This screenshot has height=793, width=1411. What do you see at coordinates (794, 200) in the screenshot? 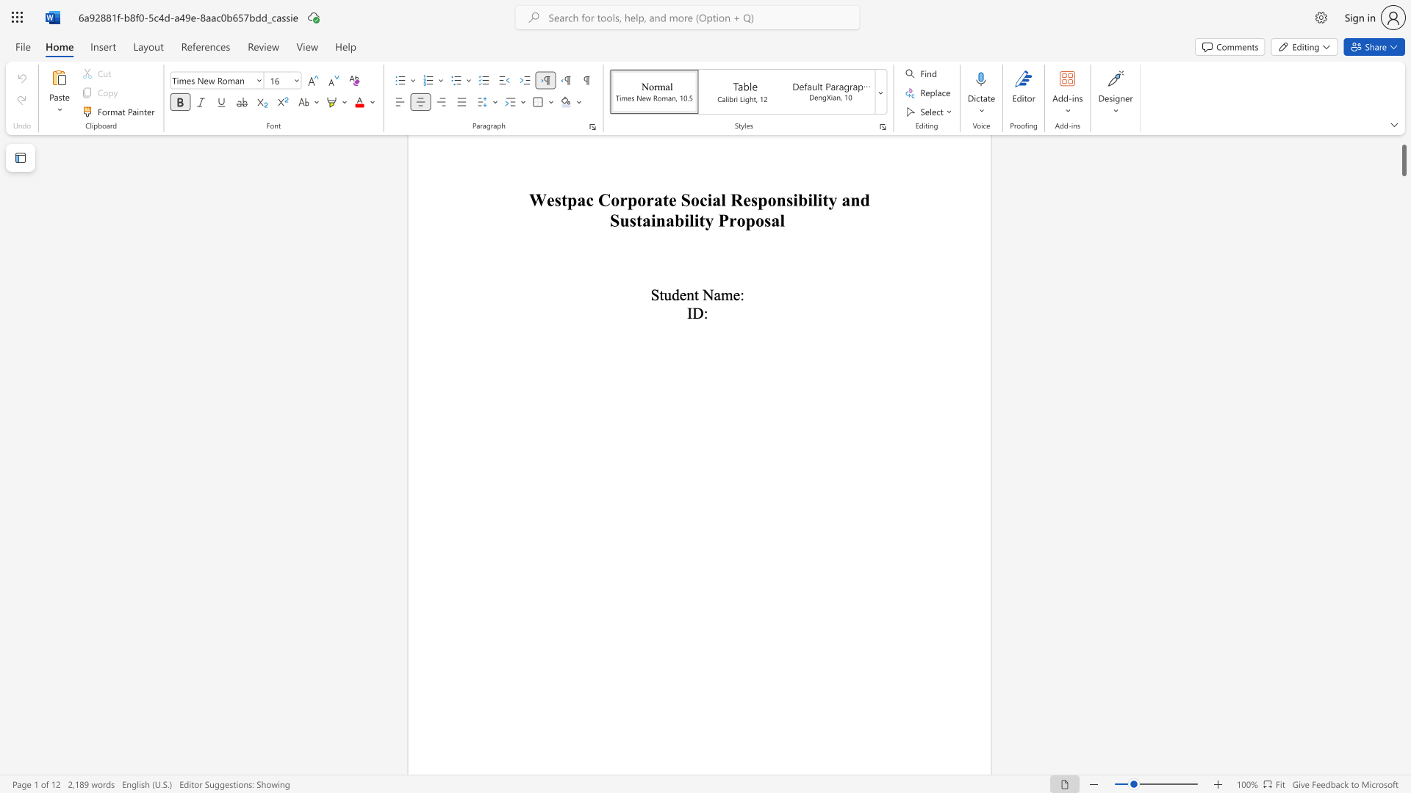
I see `the 2th character "i" in the text` at bounding box center [794, 200].